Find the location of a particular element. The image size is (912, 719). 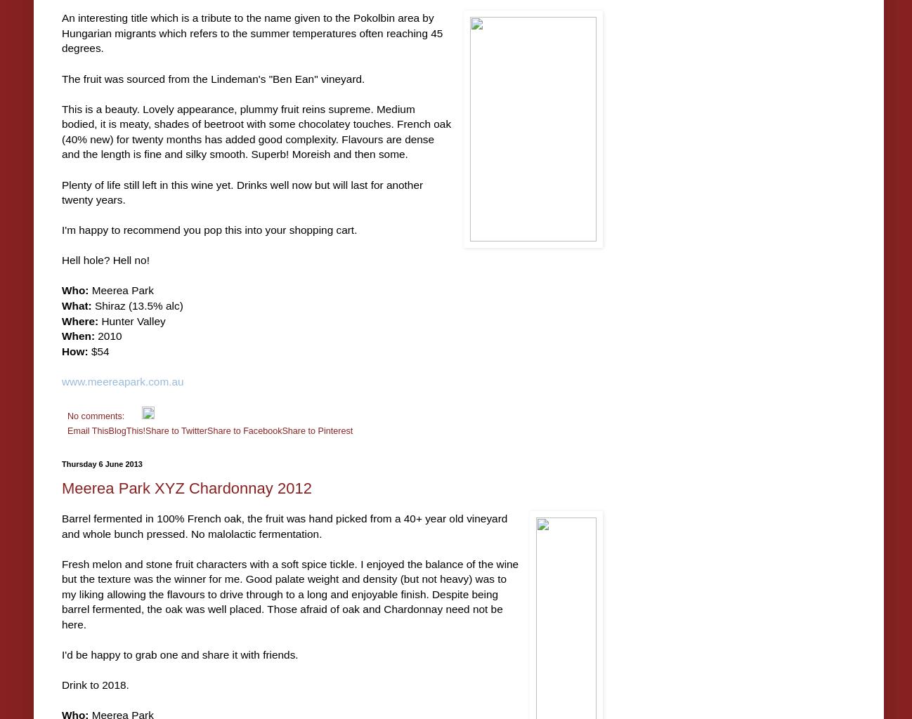

'Hell hole? Hell no!' is located at coordinates (105, 260).